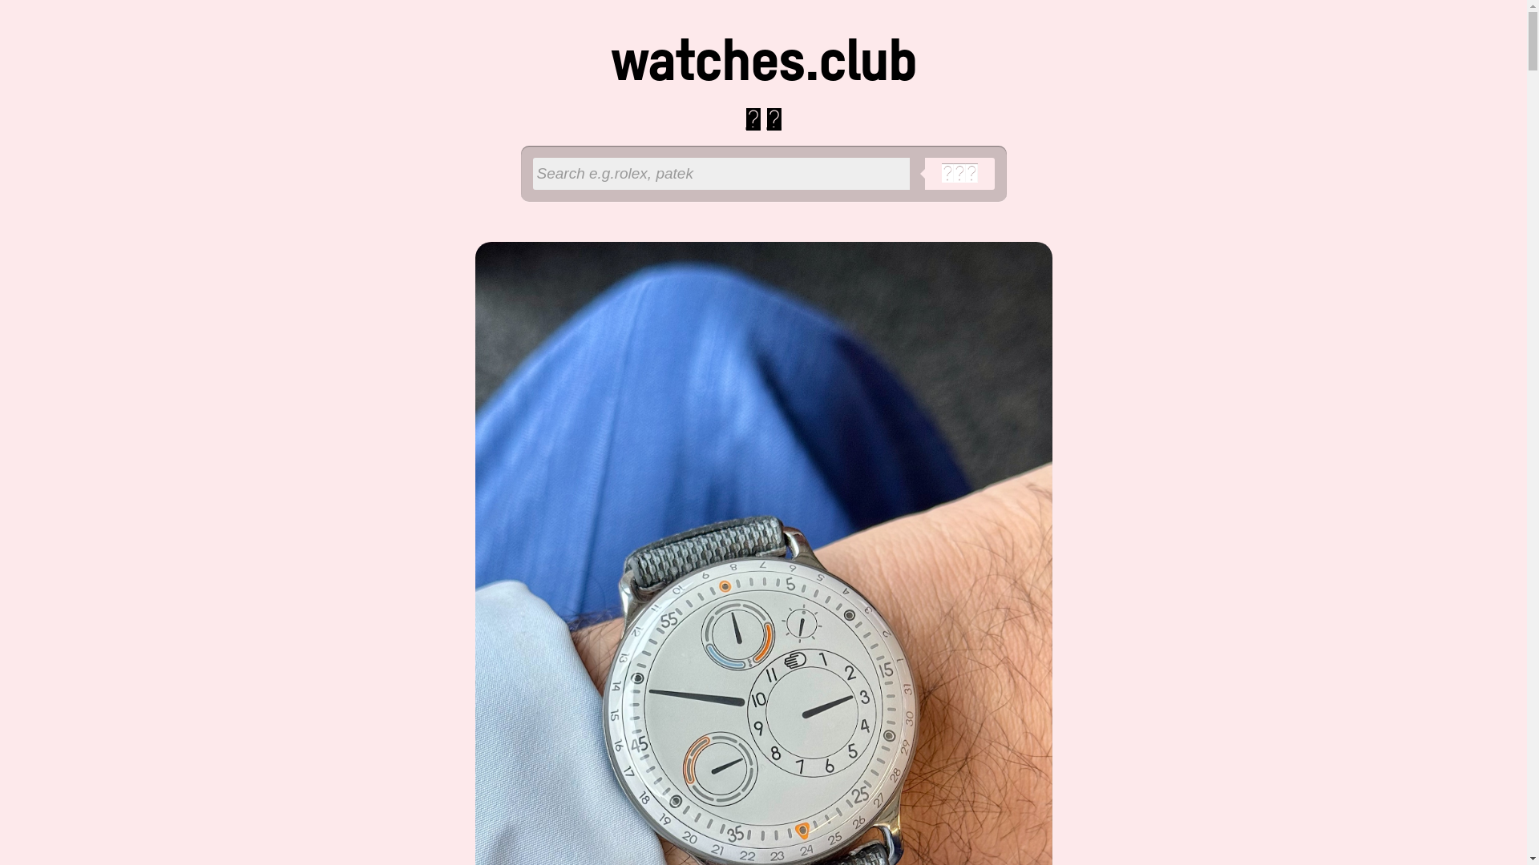  Describe the element at coordinates (761, 63) in the screenshot. I see `'watches.club'` at that location.